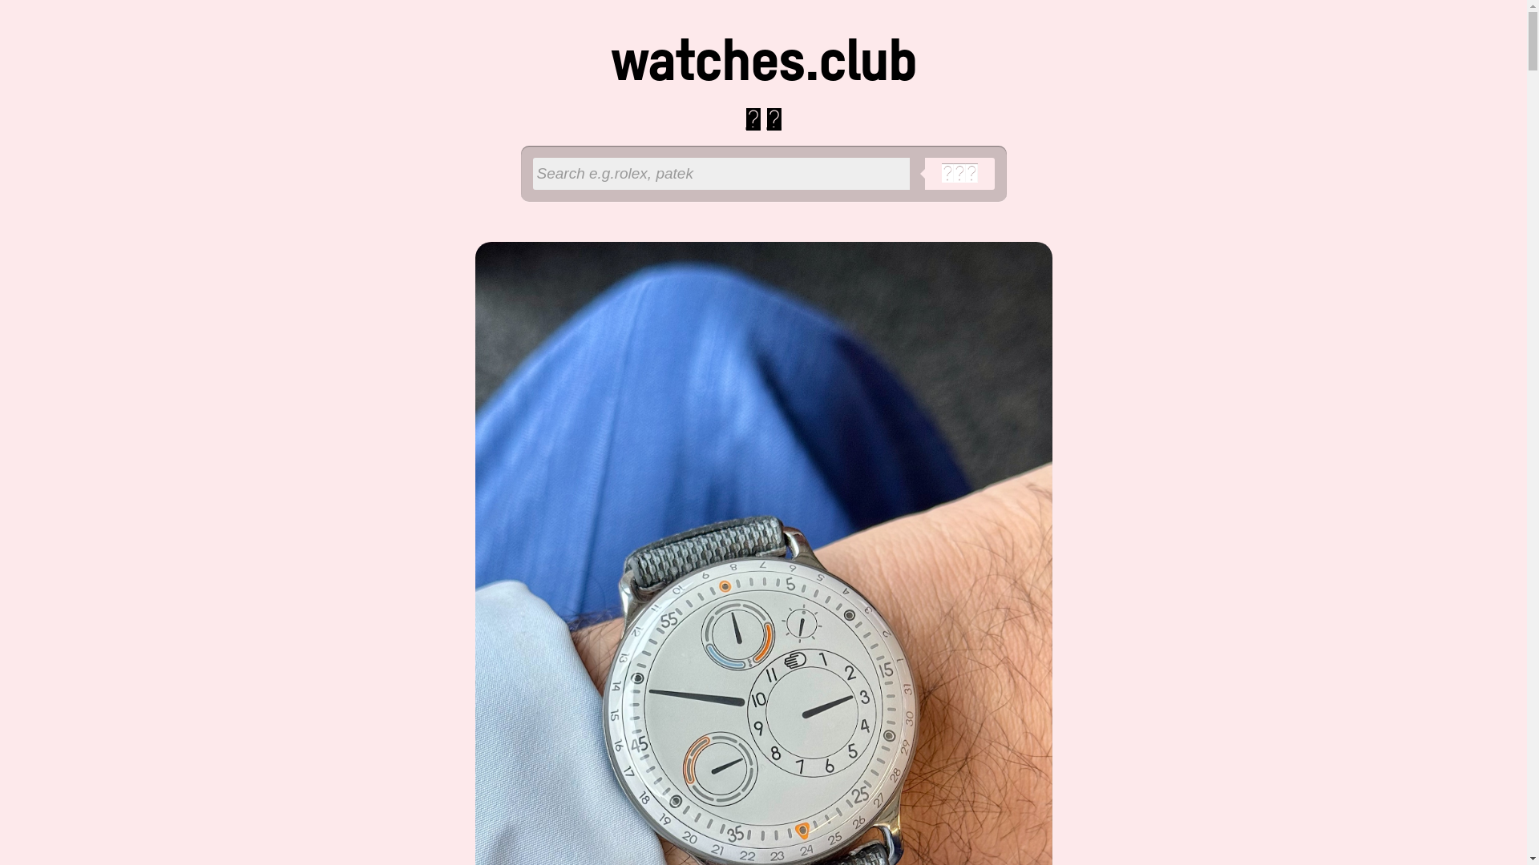  Describe the element at coordinates (761, 63) in the screenshot. I see `'watches.club'` at that location.